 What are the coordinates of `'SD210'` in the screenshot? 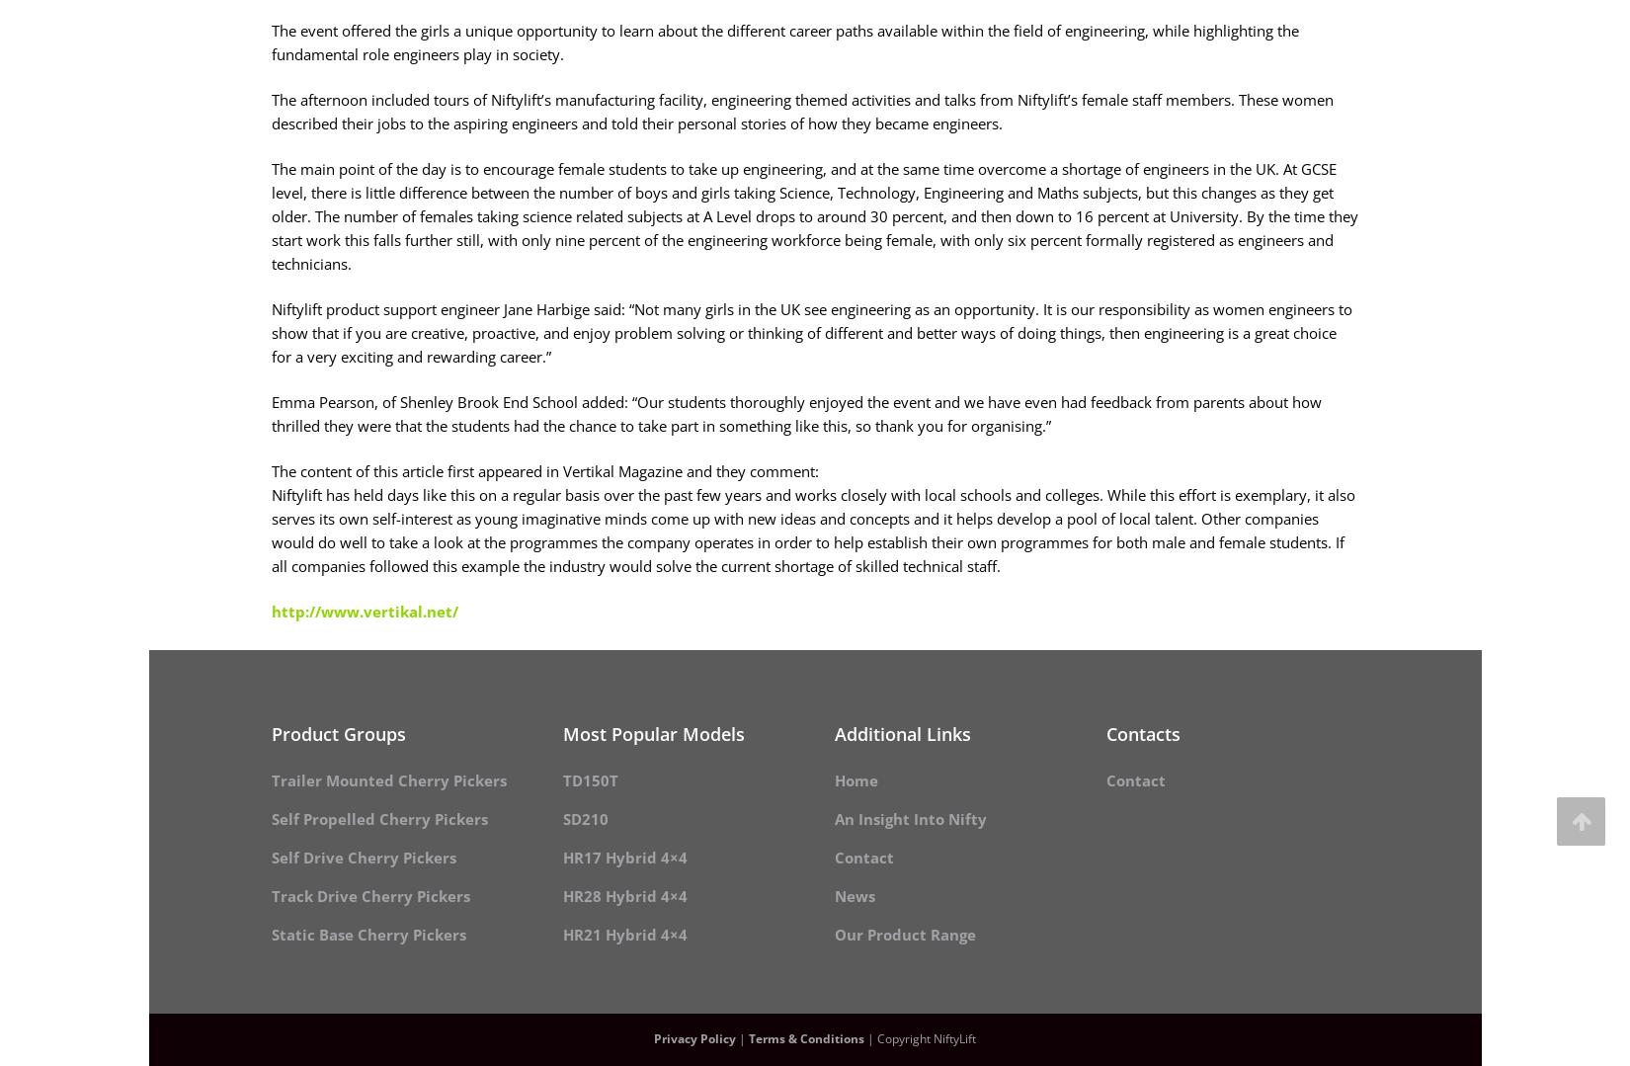 It's located at (585, 817).